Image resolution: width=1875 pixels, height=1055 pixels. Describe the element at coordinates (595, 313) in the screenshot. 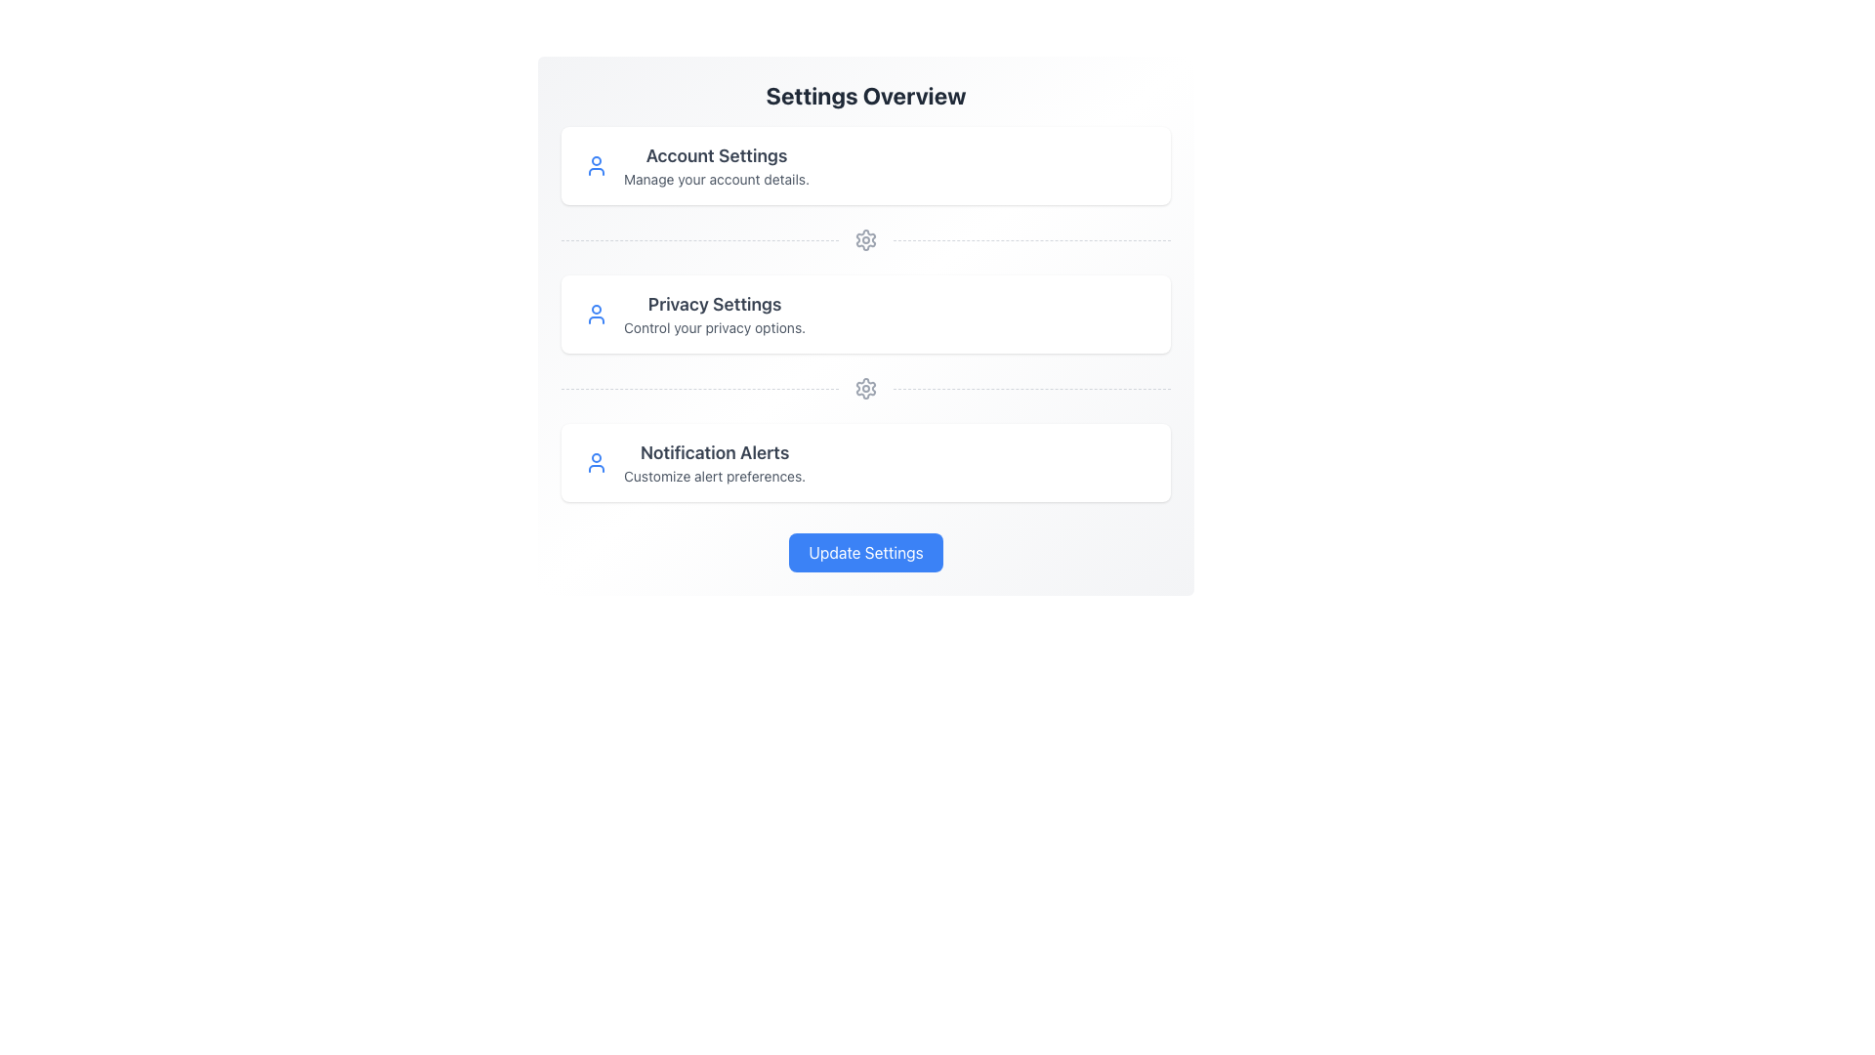

I see `the user profile icon, a small blue vector graphic located at the top-left of the 'Privacy Settings' button` at that location.